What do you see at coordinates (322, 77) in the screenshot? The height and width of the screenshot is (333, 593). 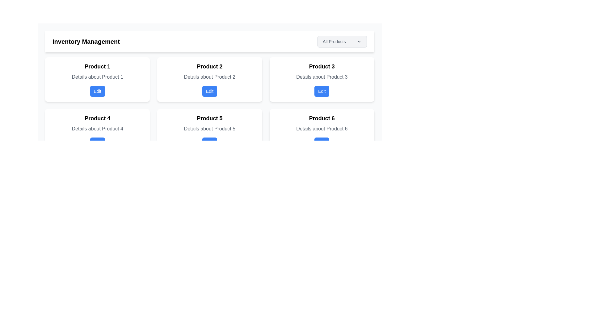 I see `static descriptive information about 'Product 3' located within the card labeled 'Product 3', positioned below the title and above the 'Edit' button` at bounding box center [322, 77].